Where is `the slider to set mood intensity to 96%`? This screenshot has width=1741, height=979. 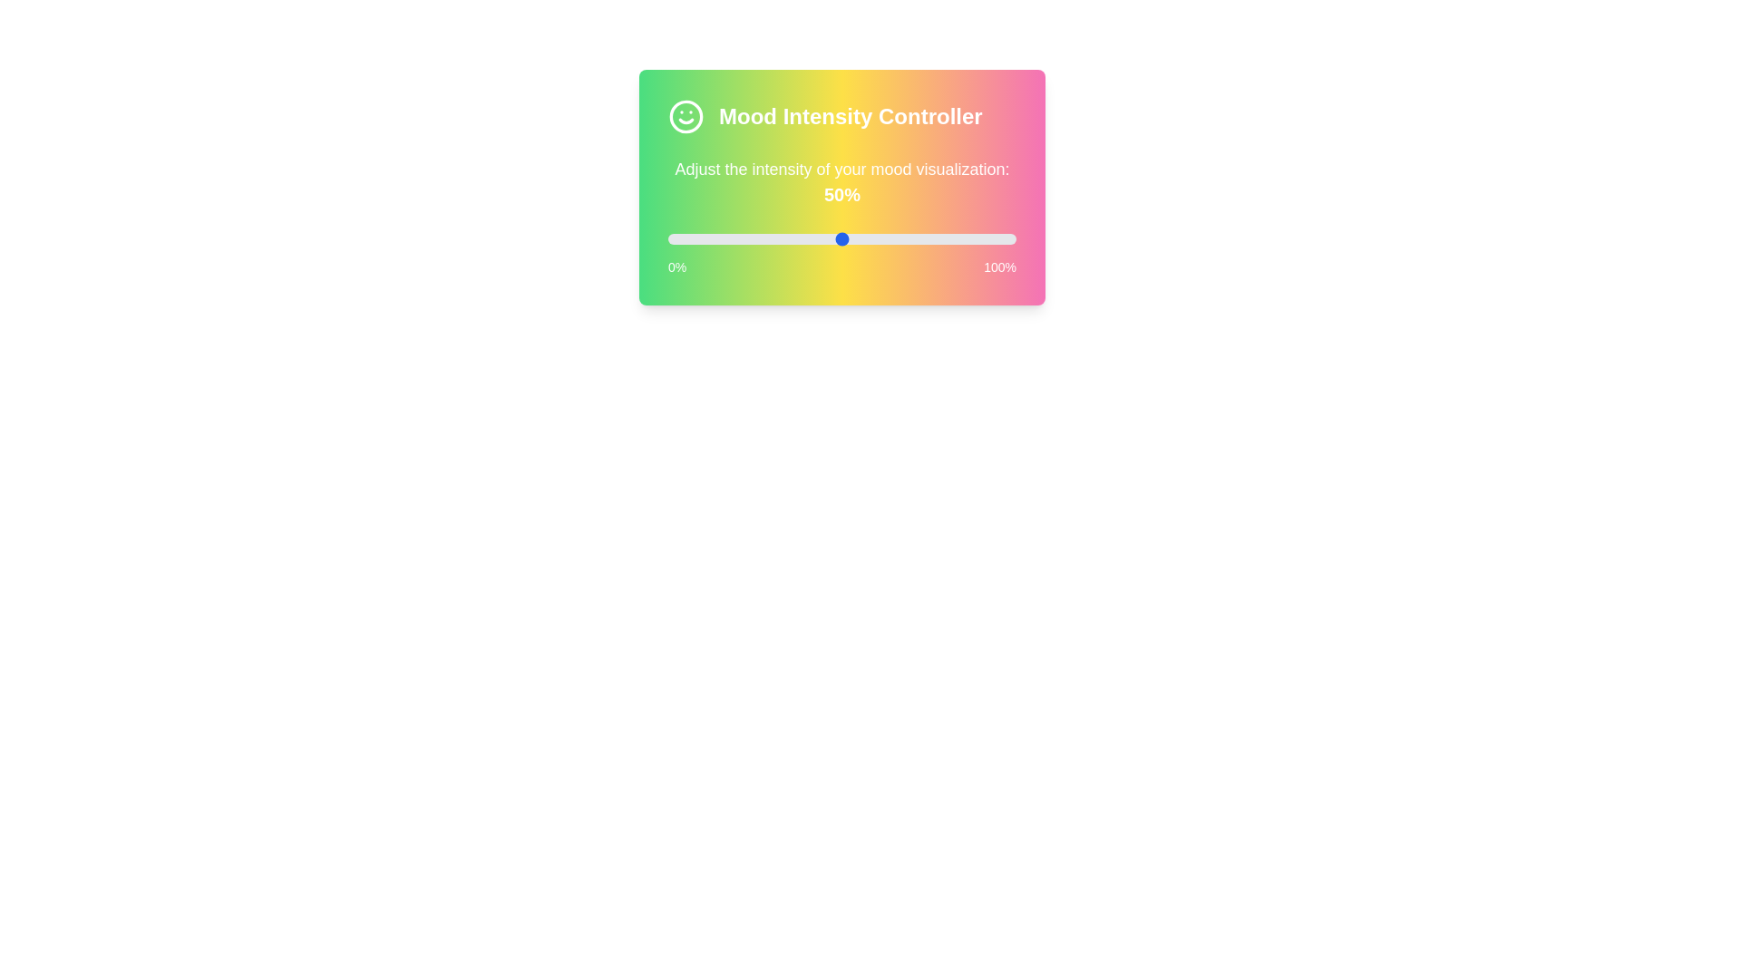 the slider to set mood intensity to 96% is located at coordinates (1001, 237).